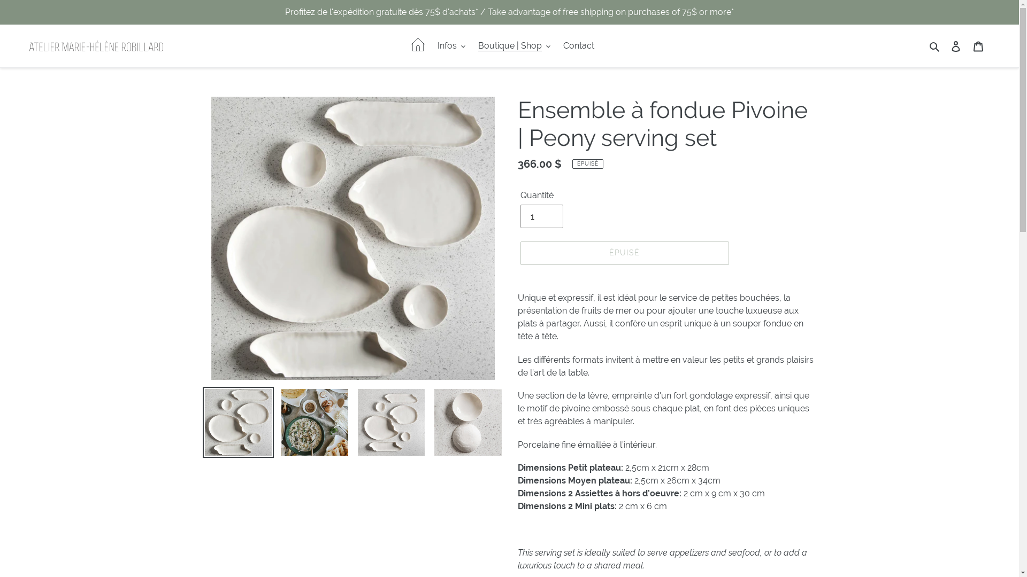 The width and height of the screenshot is (1027, 577). Describe the element at coordinates (557, 45) in the screenshot. I see `'Contact'` at that location.